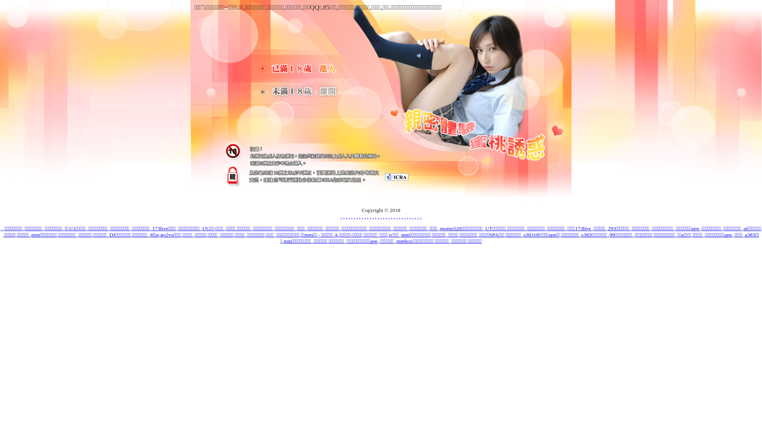 Image resolution: width=762 pixels, height=428 pixels. What do you see at coordinates (364, 216) in the screenshot?
I see `'.'` at bounding box center [364, 216].